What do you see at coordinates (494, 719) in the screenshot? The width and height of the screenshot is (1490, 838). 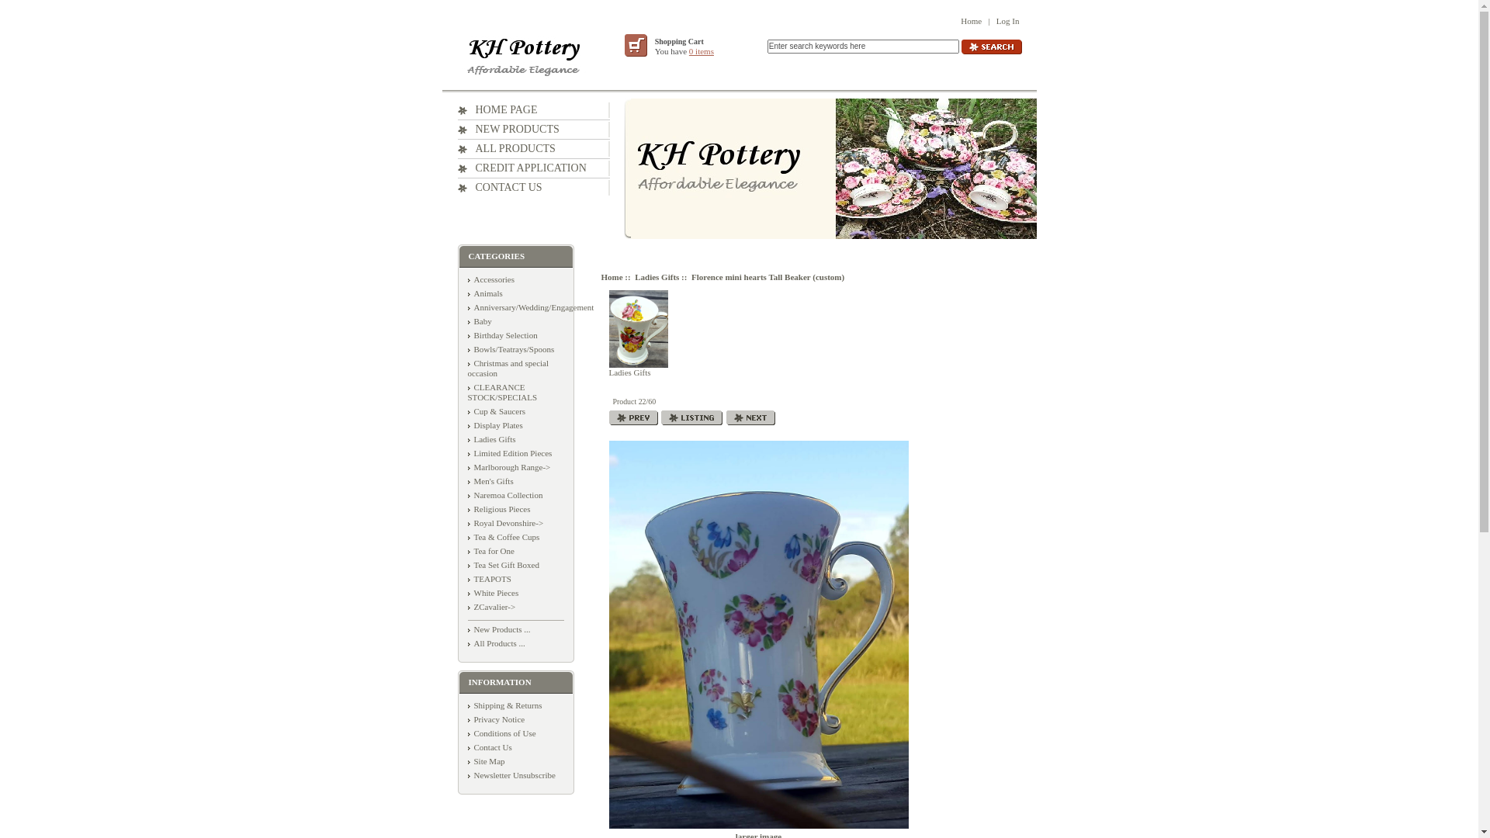 I see `'Privacy Notice'` at bounding box center [494, 719].